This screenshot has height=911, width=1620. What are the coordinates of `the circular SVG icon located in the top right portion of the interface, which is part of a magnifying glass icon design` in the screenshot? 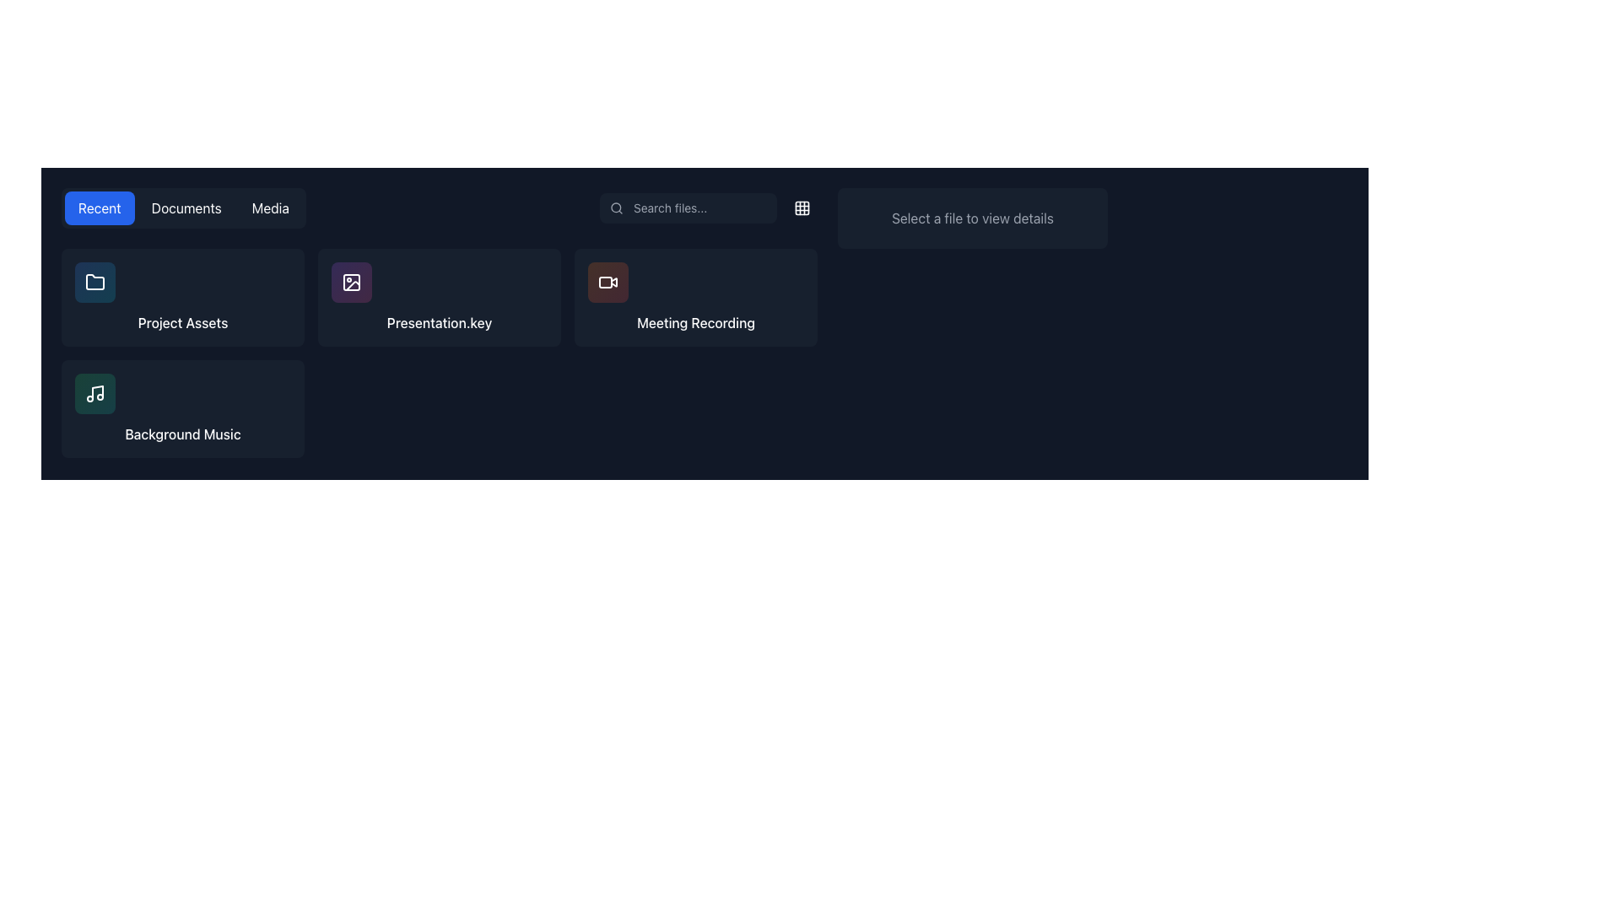 It's located at (615, 207).